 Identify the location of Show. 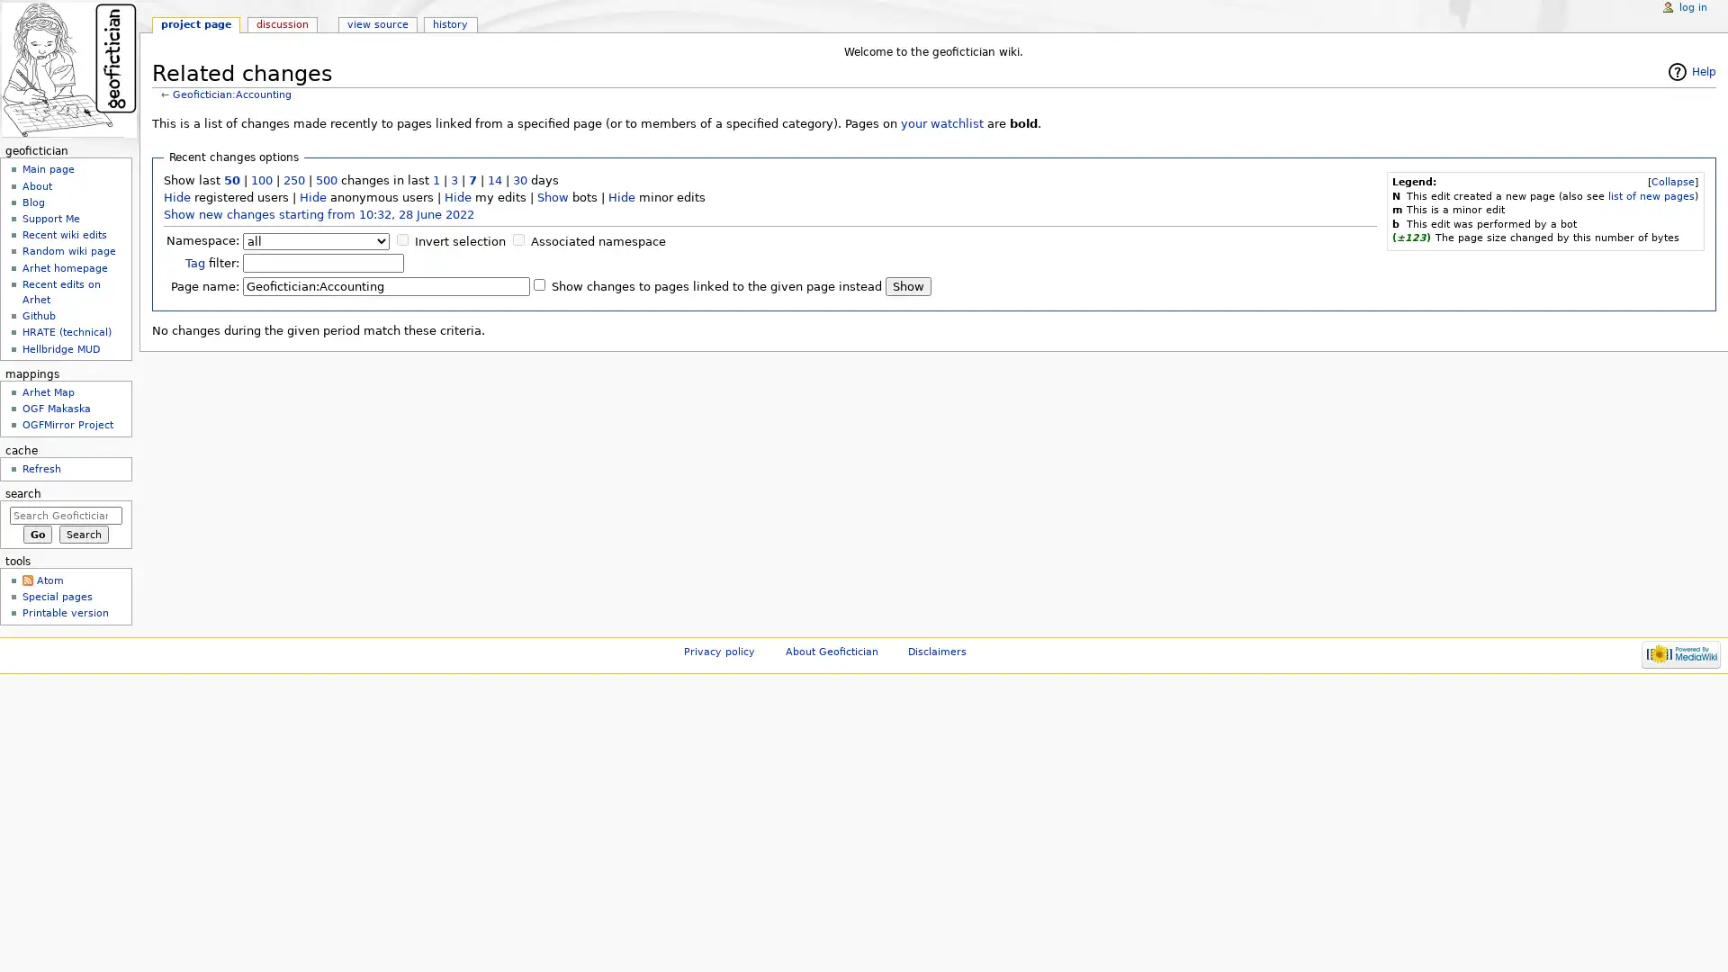
(908, 285).